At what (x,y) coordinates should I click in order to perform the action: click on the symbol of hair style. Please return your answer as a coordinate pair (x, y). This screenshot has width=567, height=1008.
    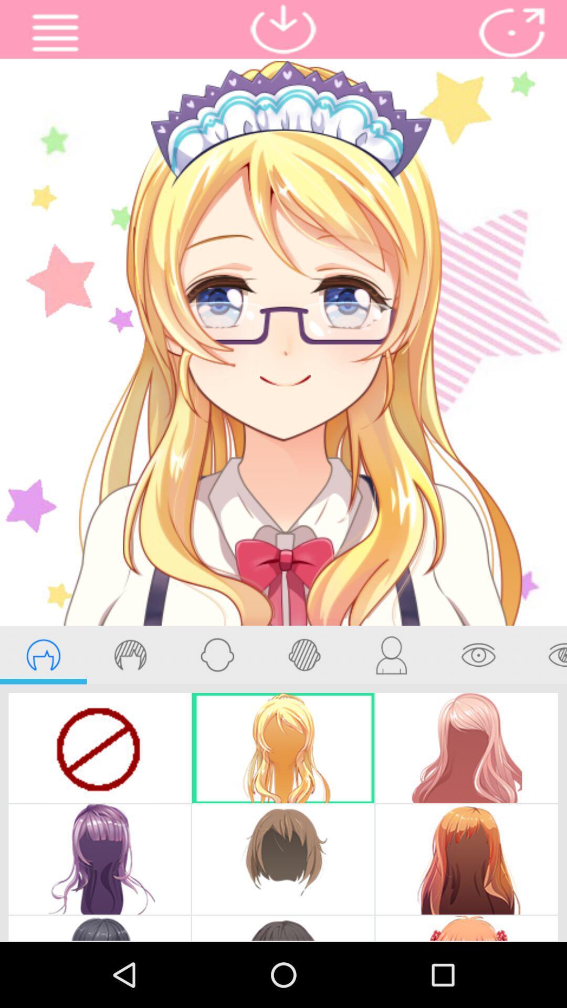
    Looking at the image, I should click on (130, 654).